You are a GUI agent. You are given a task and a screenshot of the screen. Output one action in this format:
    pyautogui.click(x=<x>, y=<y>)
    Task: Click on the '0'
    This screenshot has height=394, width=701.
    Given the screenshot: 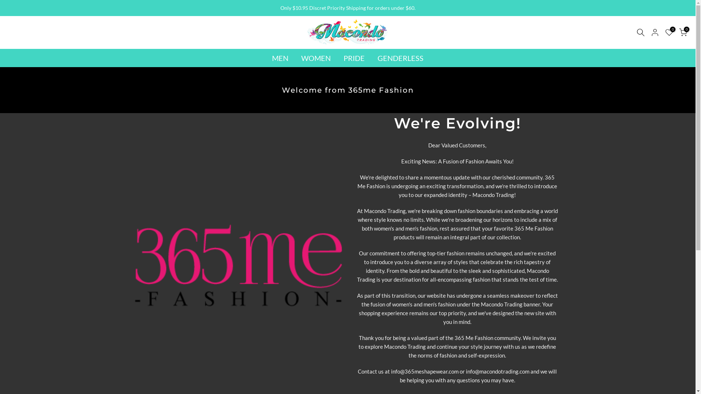 What is the action you would take?
    pyautogui.click(x=683, y=32)
    